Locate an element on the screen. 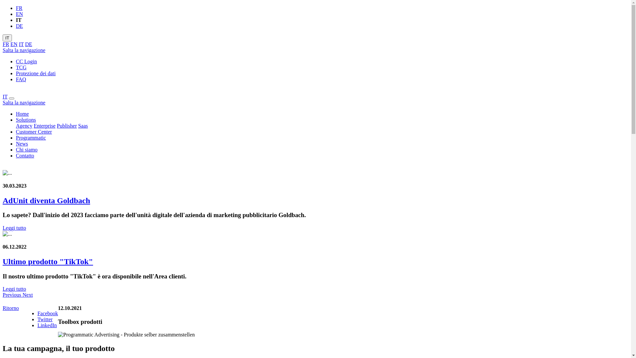  'Home' is located at coordinates (16, 113).